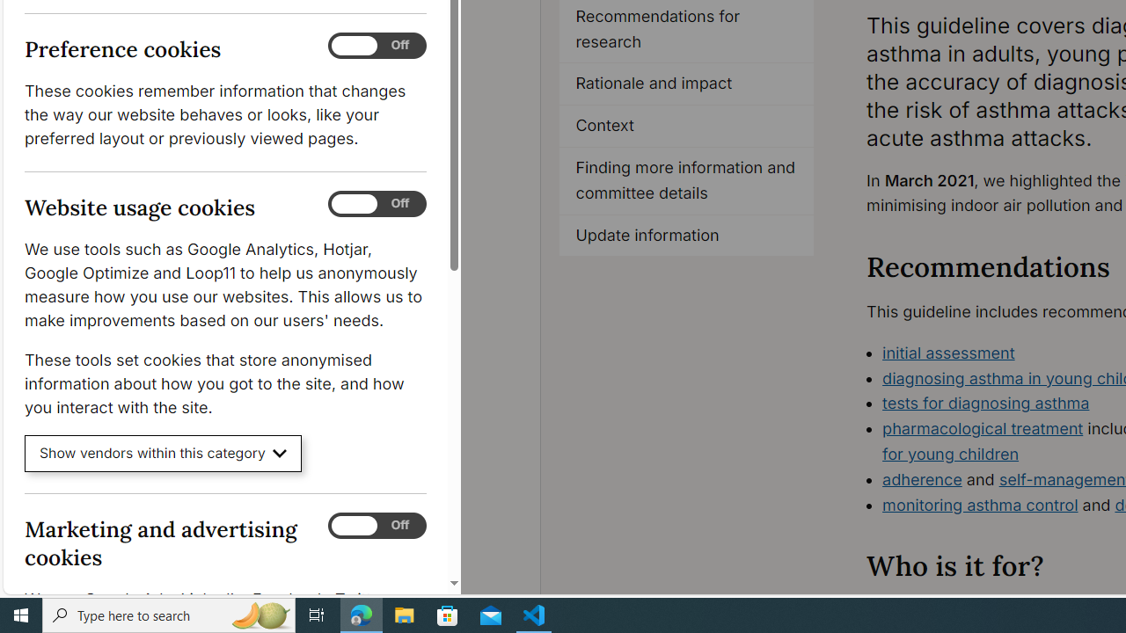 Image resolution: width=1126 pixels, height=633 pixels. What do you see at coordinates (685, 126) in the screenshot?
I see `'Context'` at bounding box center [685, 126].